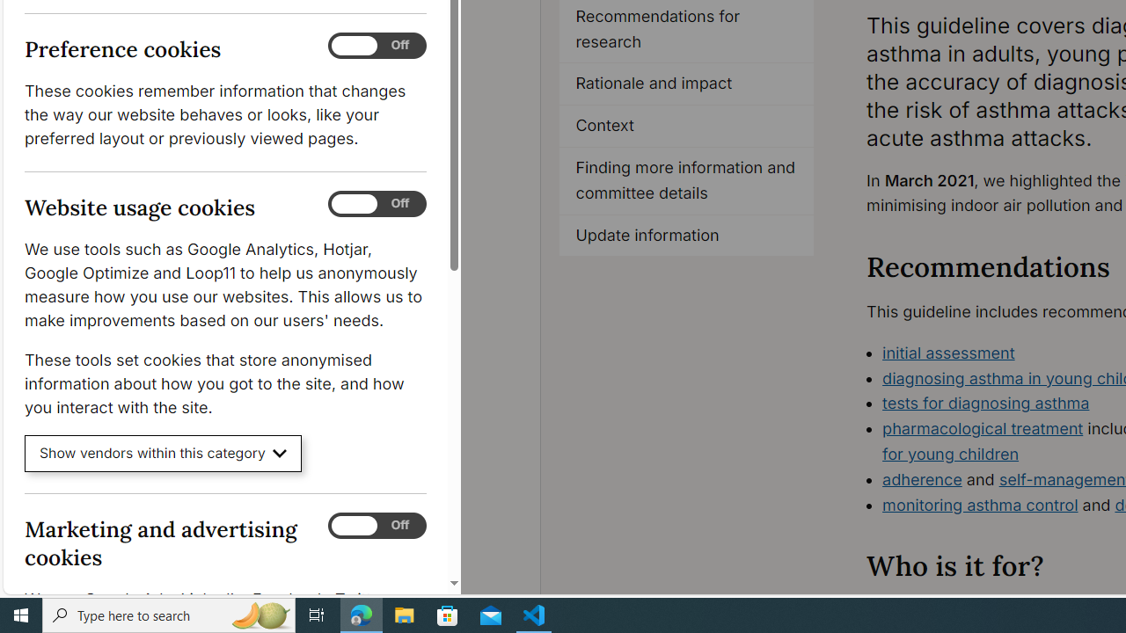 Image resolution: width=1126 pixels, height=633 pixels. What do you see at coordinates (685, 126) in the screenshot?
I see `'Context'` at bounding box center [685, 126].